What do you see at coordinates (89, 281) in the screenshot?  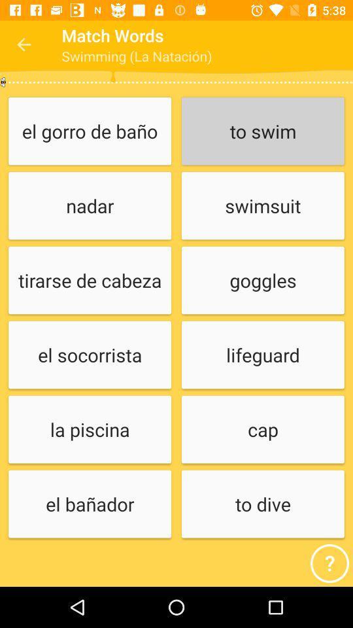 I see `icon above el socorrista` at bounding box center [89, 281].